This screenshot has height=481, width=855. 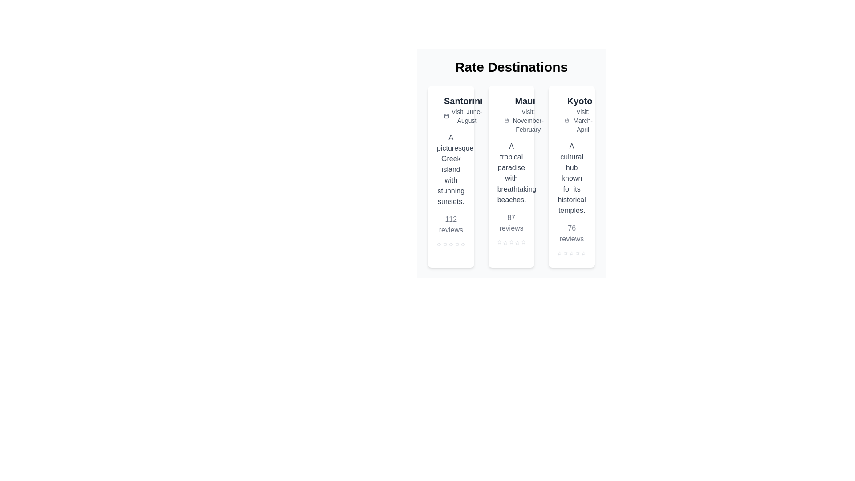 What do you see at coordinates (451, 224) in the screenshot?
I see `the non-interactive text element displaying '112 reviews' located within the 'Santorini' card, positioned above the star icons` at bounding box center [451, 224].